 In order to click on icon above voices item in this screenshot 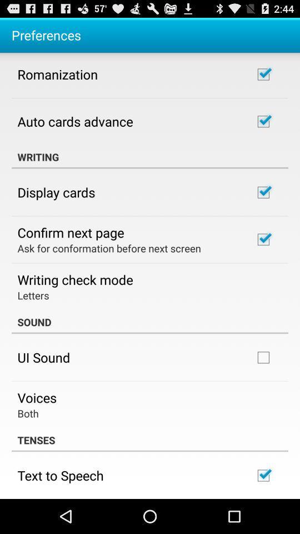, I will do `click(43, 357)`.